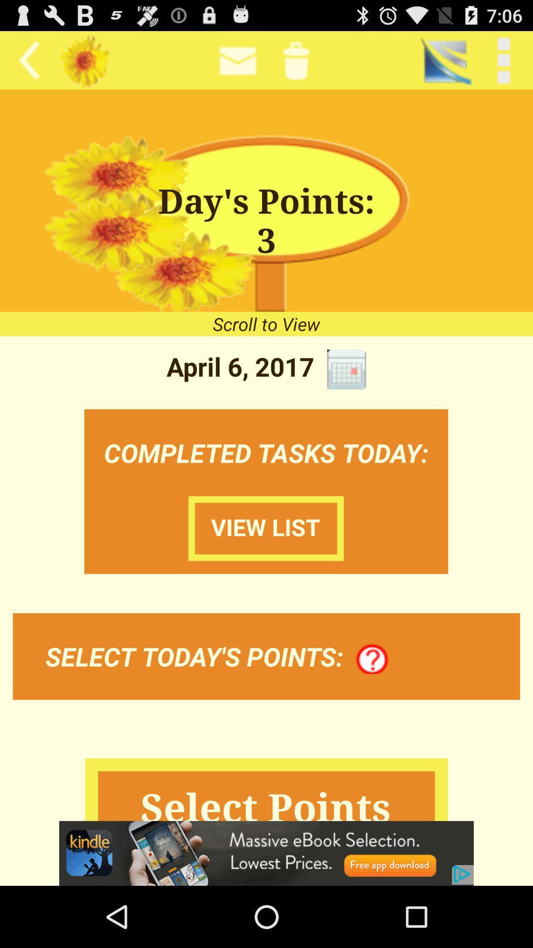 This screenshot has width=533, height=948. I want to click on the view list, so click(266, 528).